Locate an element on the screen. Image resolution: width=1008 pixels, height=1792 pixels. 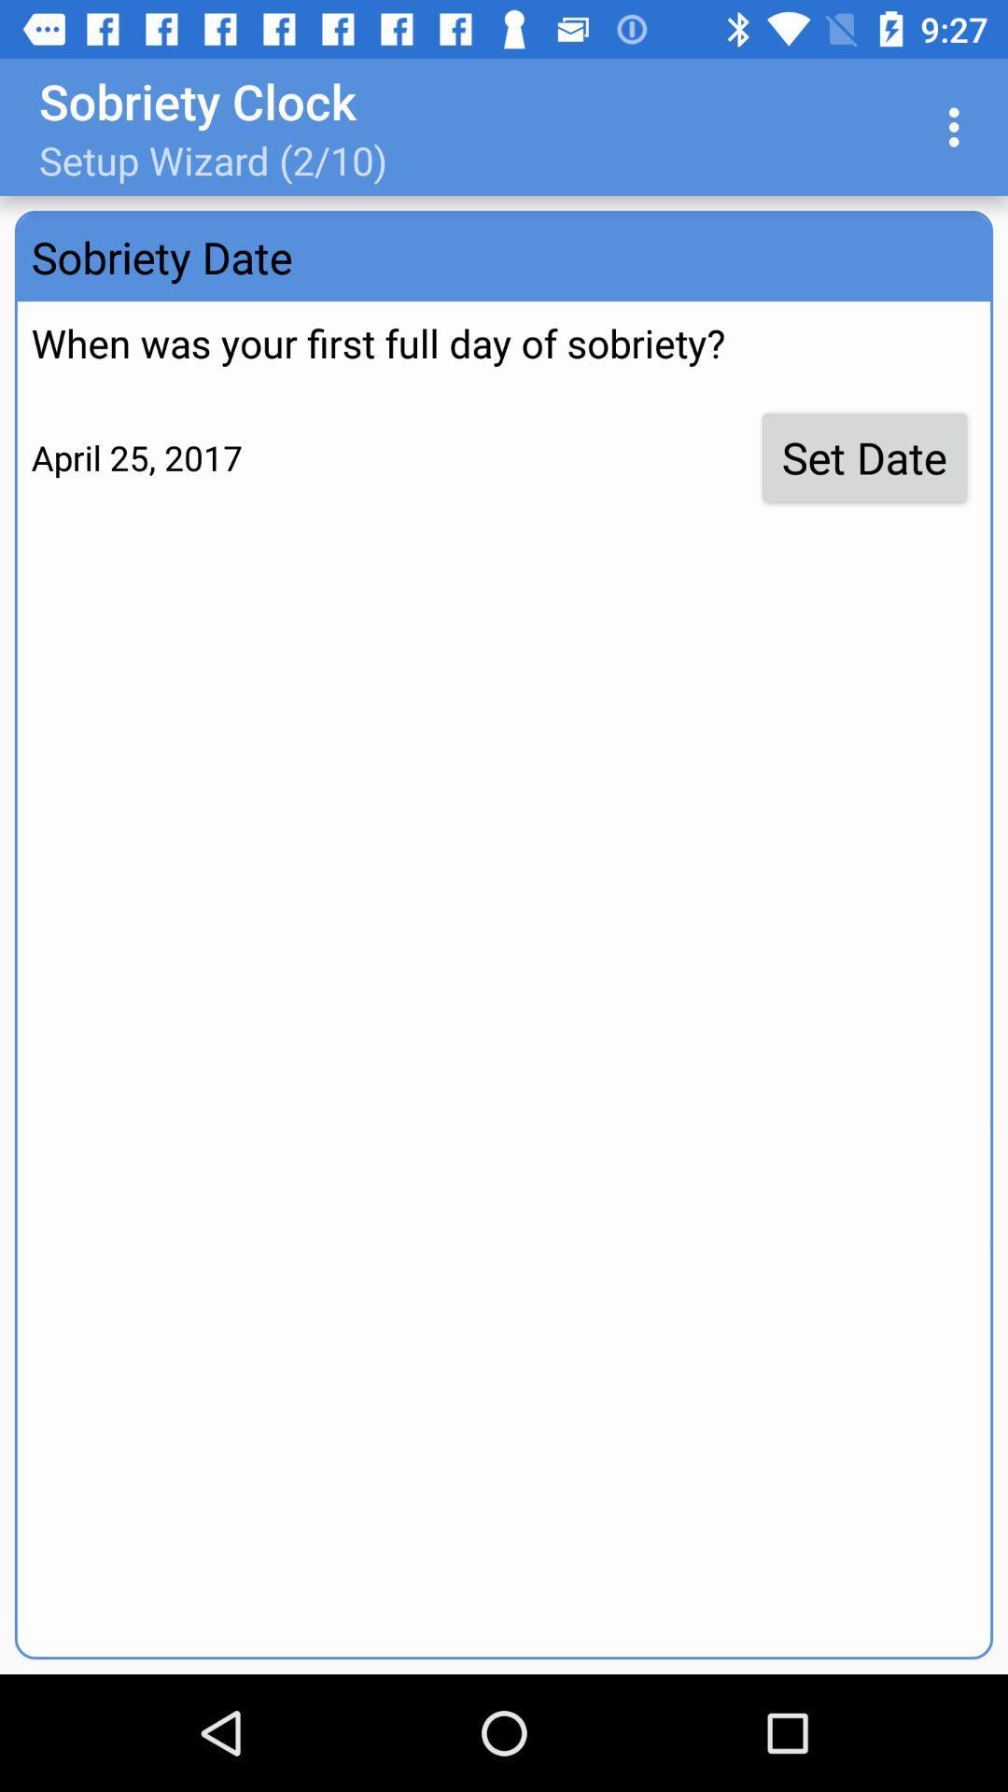
the icon next to april 25, 2017 is located at coordinates (864, 457).